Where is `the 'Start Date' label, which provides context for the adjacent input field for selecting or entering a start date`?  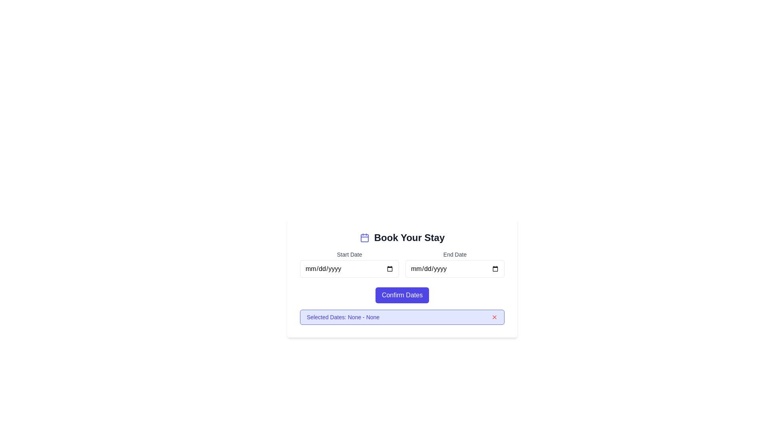 the 'Start Date' label, which provides context for the adjacent input field for selecting or entering a start date is located at coordinates (349, 254).